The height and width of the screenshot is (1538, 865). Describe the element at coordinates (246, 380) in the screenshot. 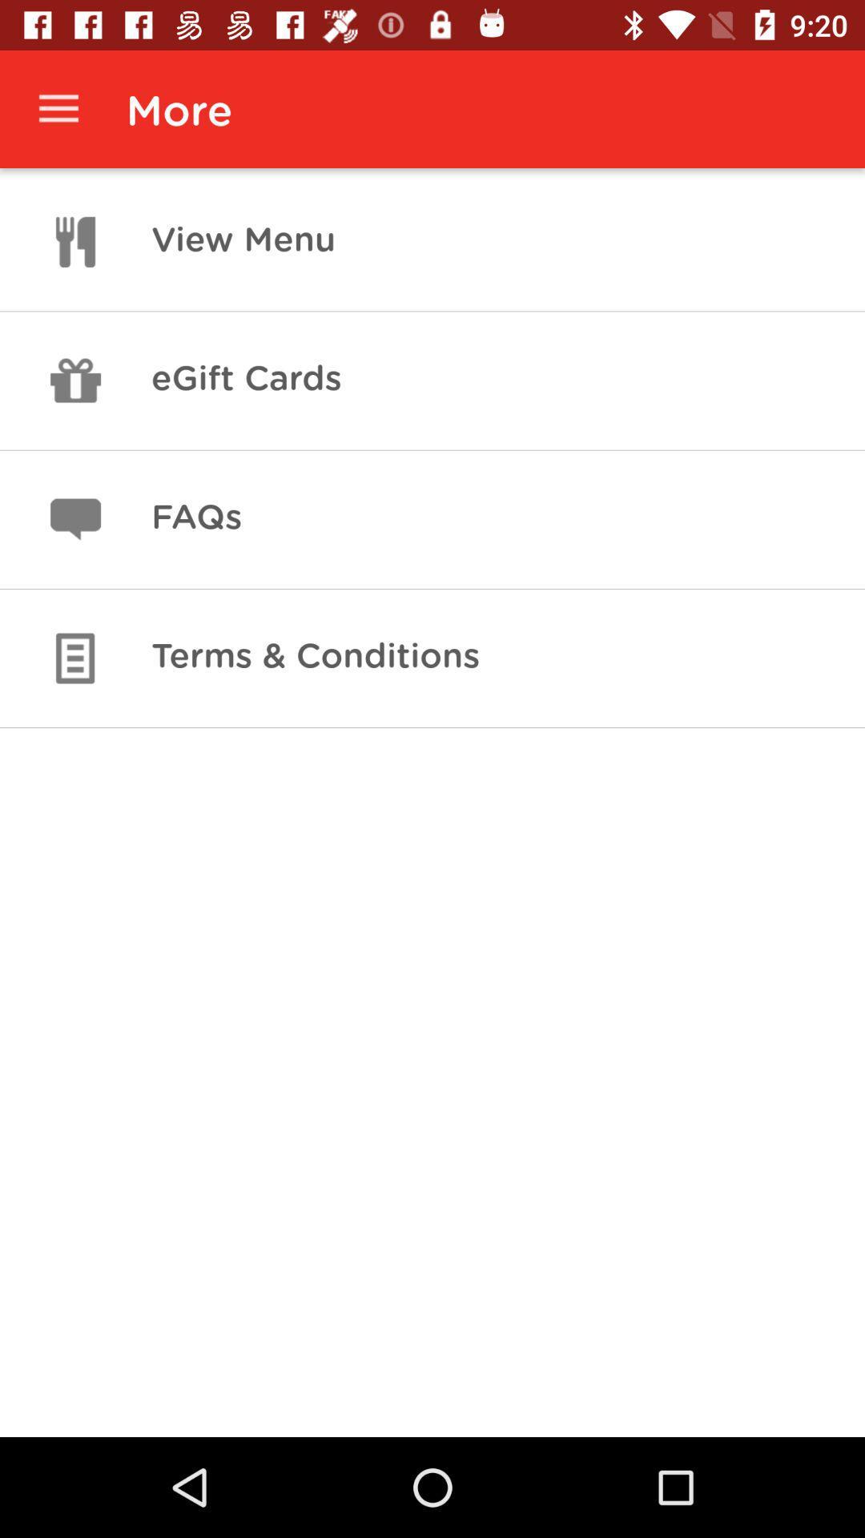

I see `egift cards icon` at that location.